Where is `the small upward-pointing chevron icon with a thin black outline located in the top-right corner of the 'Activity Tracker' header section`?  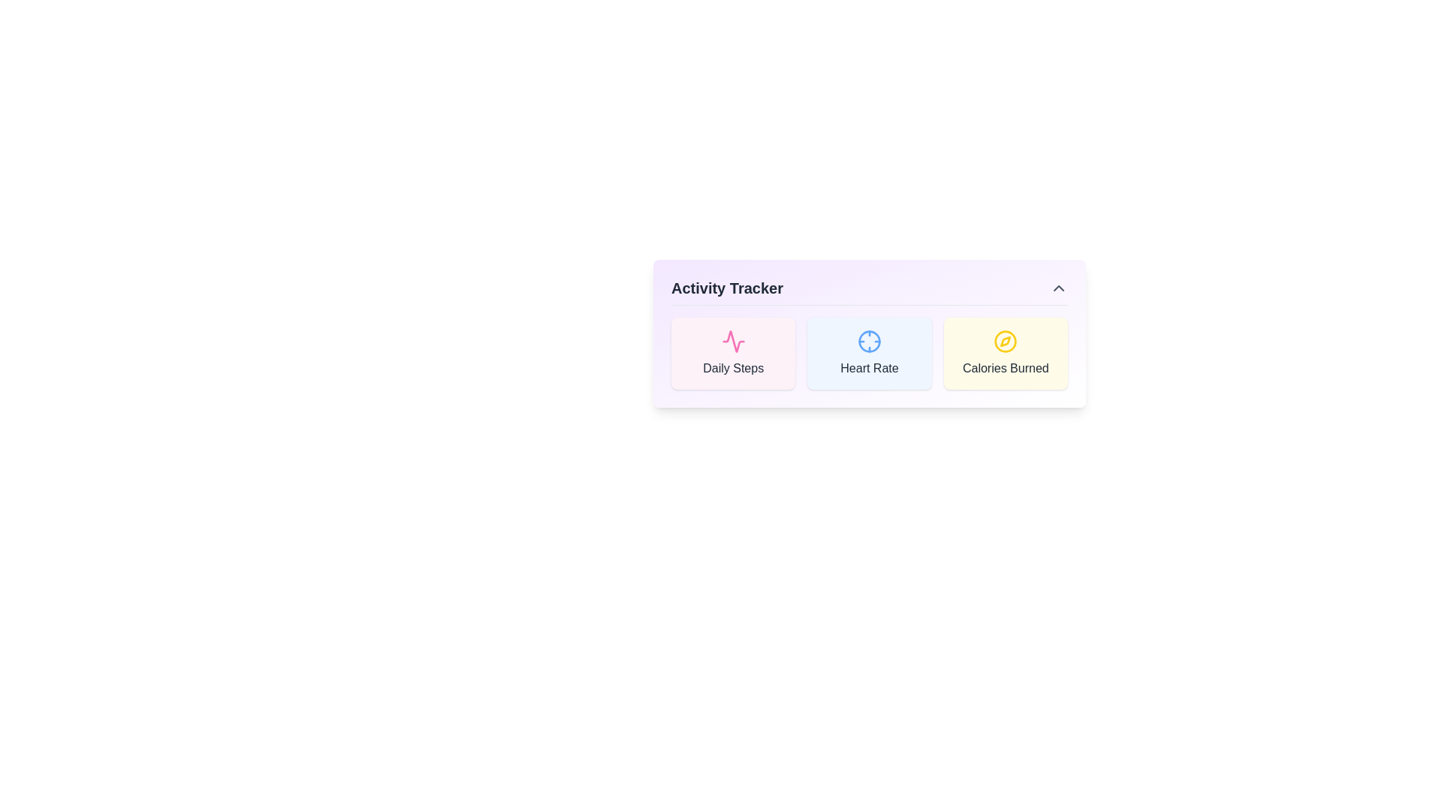
the small upward-pointing chevron icon with a thin black outline located in the top-right corner of the 'Activity Tracker' header section is located at coordinates (1058, 288).